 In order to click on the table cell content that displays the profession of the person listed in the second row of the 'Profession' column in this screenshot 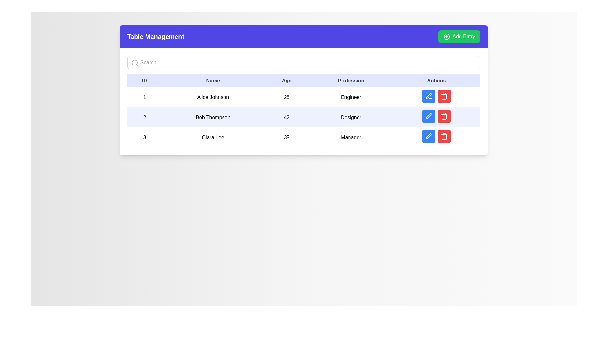, I will do `click(350, 117)`.